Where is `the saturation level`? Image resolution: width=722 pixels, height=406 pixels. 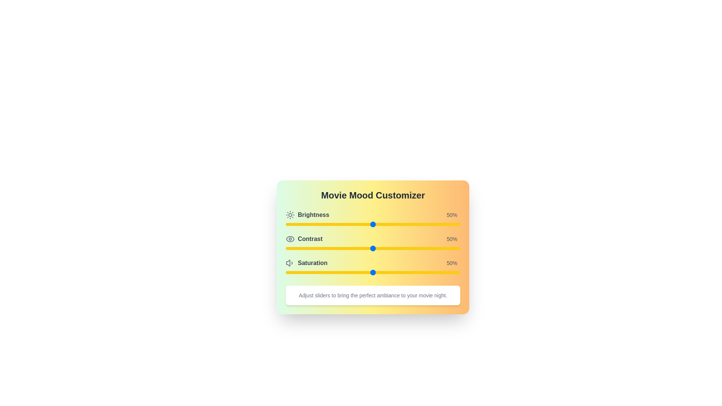 the saturation level is located at coordinates (383, 273).